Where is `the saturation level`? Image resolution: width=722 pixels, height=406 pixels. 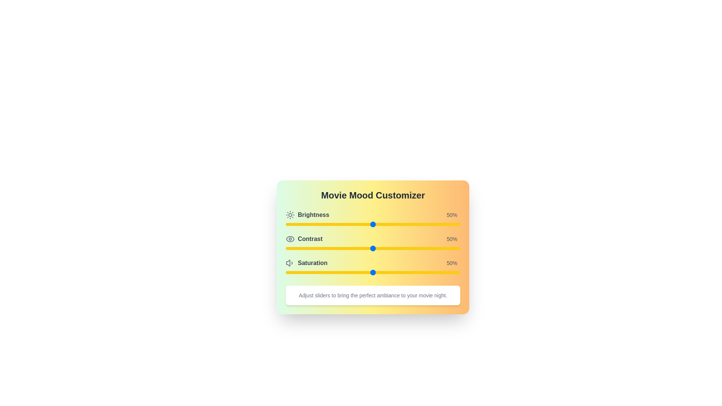 the saturation level is located at coordinates (383, 273).